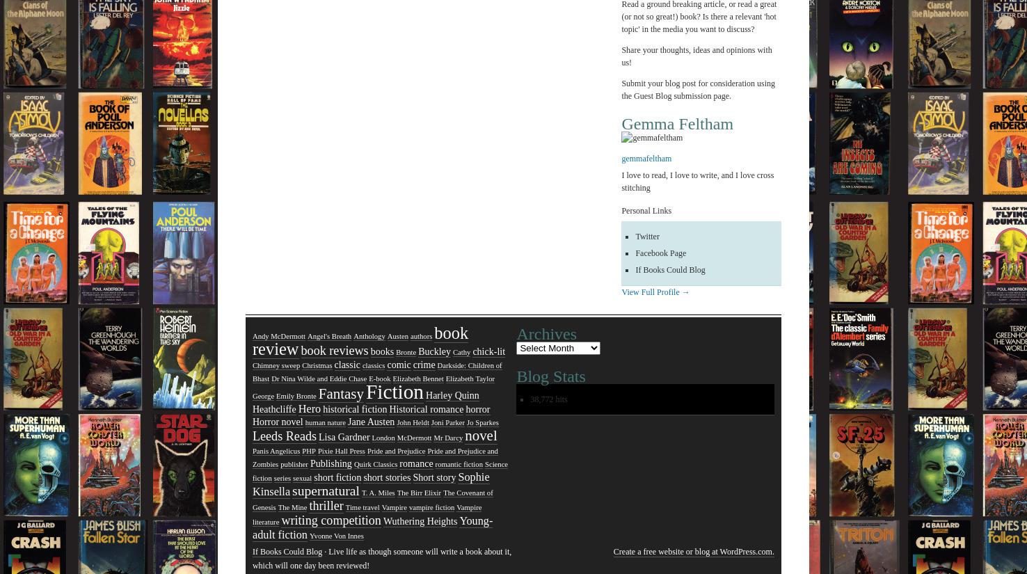 The image size is (1027, 574). Describe the element at coordinates (284, 436) in the screenshot. I see `'Leeds Reads'` at that location.